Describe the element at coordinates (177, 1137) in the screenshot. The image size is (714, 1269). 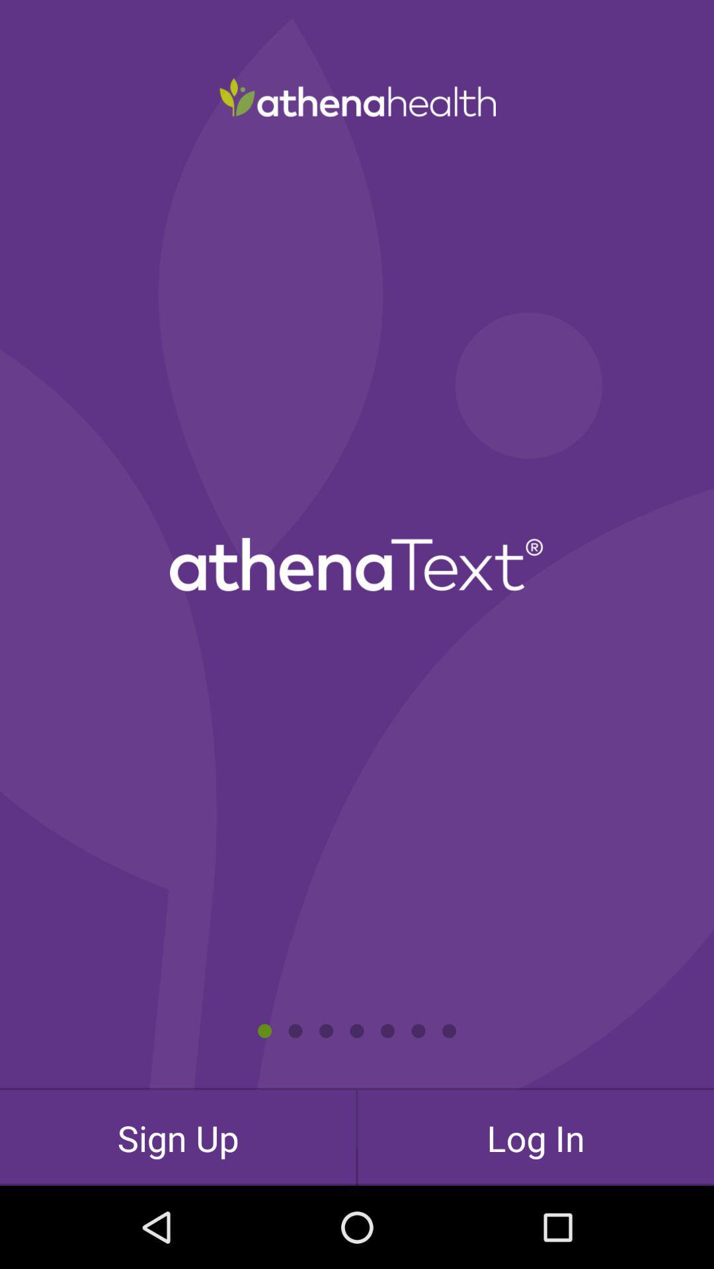
I see `sign up icon` at that location.